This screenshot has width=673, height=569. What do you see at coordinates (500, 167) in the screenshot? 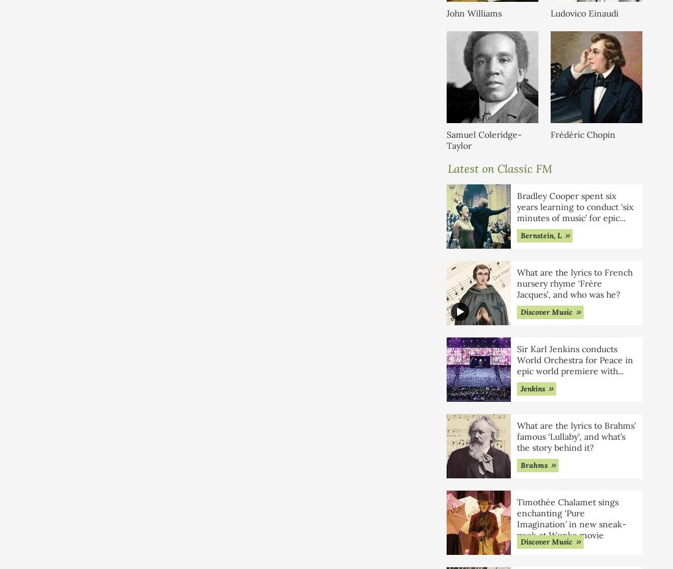
I see `'Latest on Classic FM'` at bounding box center [500, 167].